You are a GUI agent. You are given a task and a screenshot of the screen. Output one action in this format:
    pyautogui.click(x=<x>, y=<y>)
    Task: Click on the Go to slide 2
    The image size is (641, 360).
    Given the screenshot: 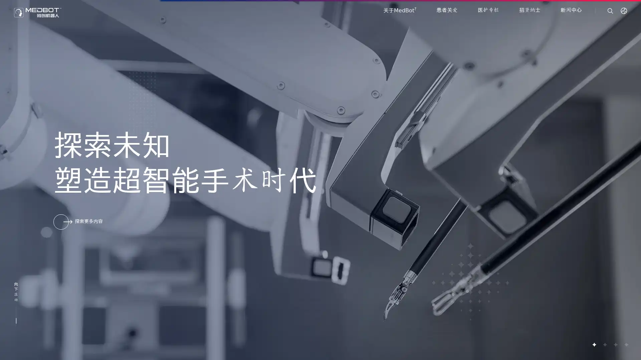 What is the action you would take?
    pyautogui.click(x=604, y=344)
    